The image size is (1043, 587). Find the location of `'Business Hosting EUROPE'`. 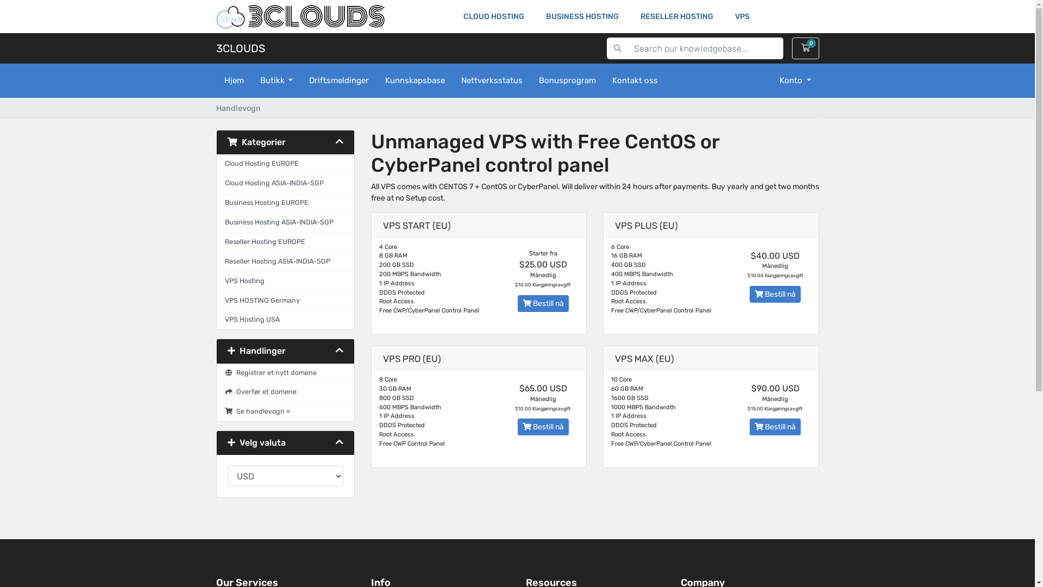

'Business Hosting EUROPE' is located at coordinates (216, 203).